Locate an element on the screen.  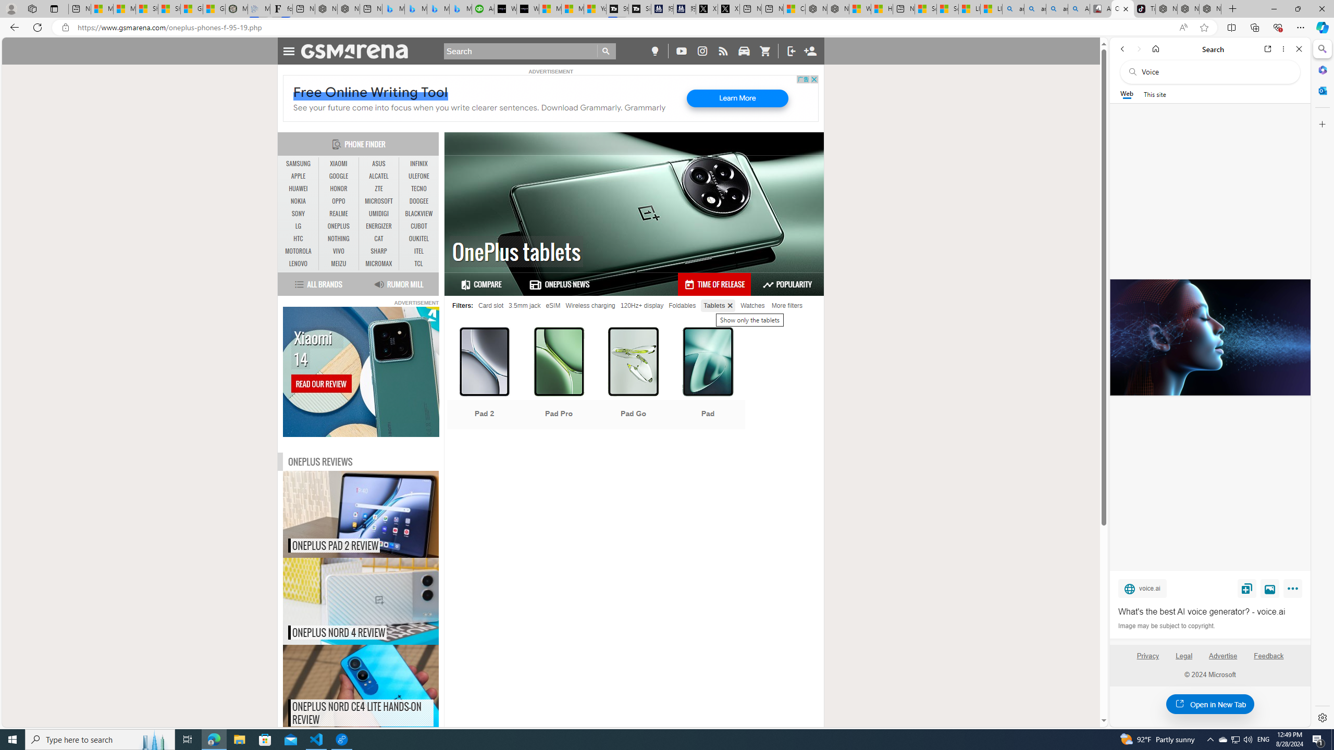
'LG' is located at coordinates (298, 226).